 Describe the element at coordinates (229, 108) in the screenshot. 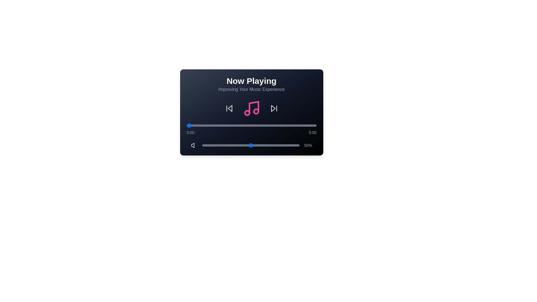

I see `previous track button` at that location.